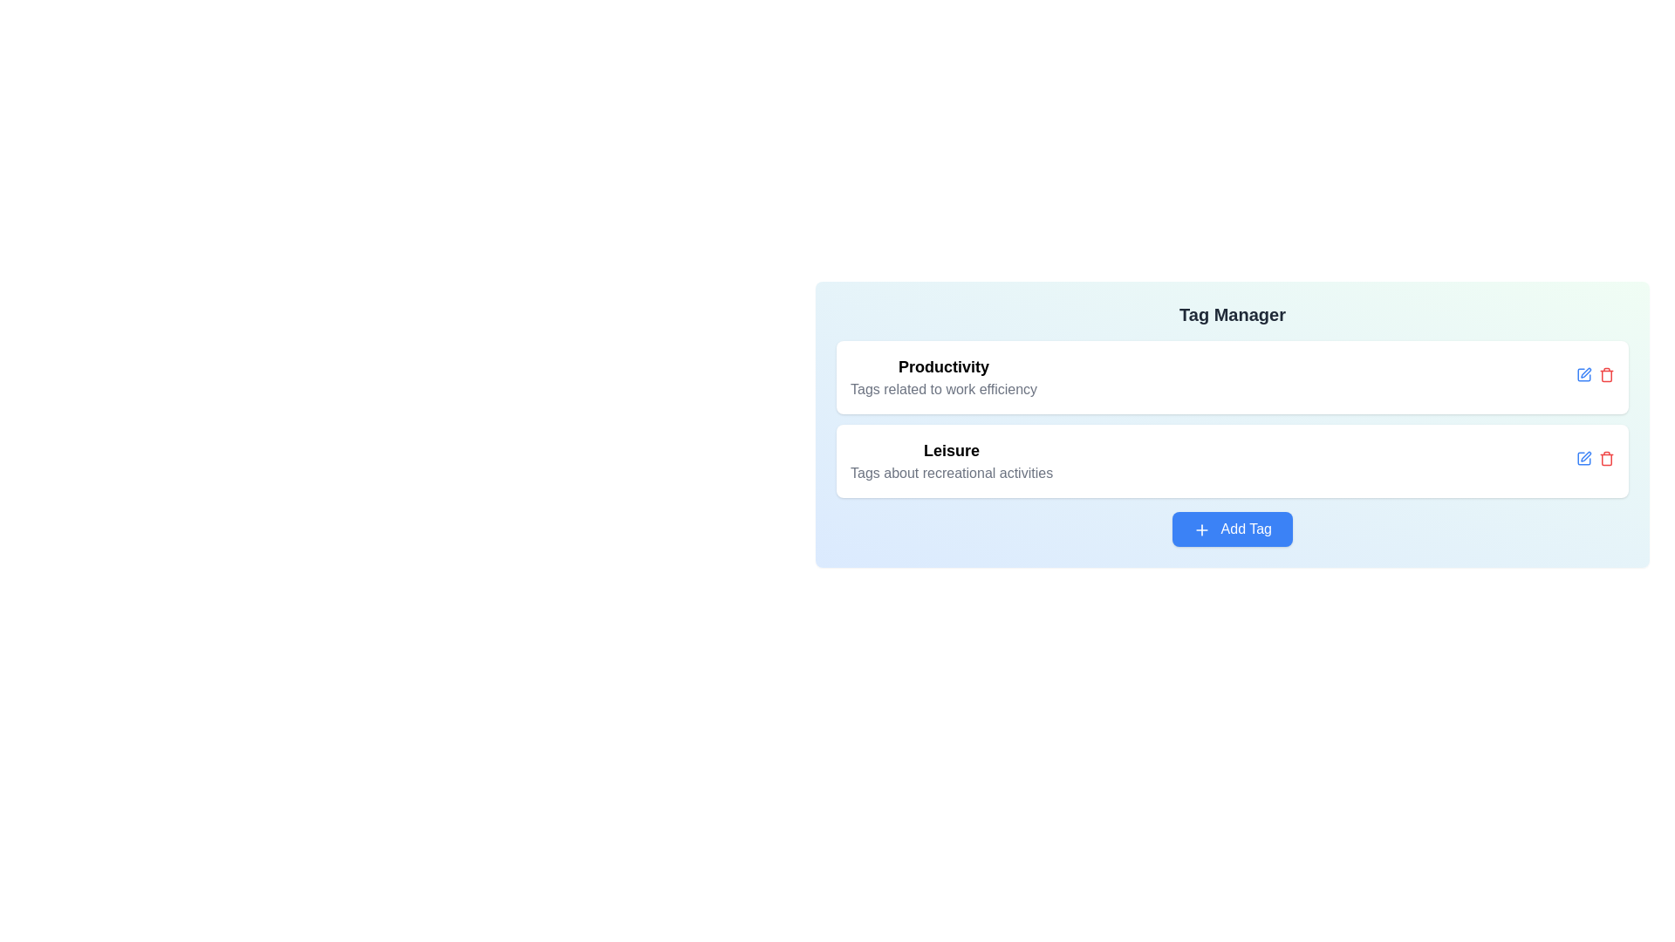 The image size is (1675, 942). I want to click on the 'Add Tag' button, which has a blue background, white text, and a plus icon, located at the bottom center of the 'Tag Manager' section, so click(1231, 528).